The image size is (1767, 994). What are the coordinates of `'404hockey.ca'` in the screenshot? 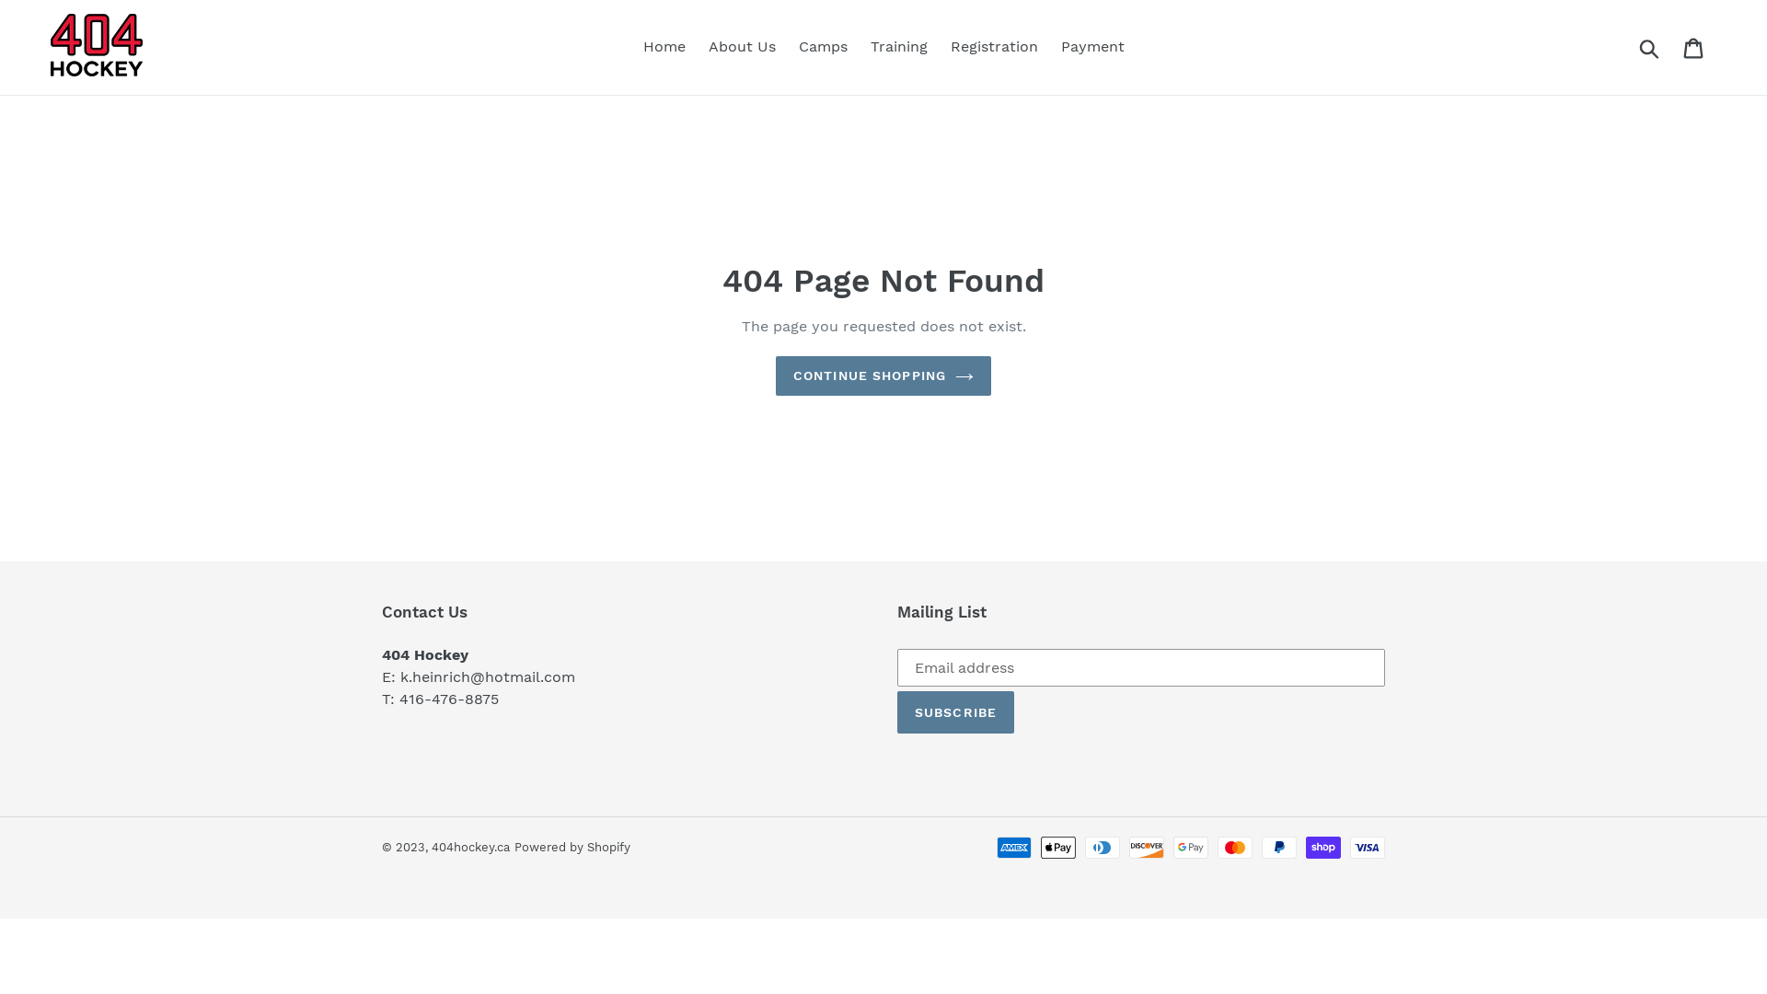 It's located at (470, 847).